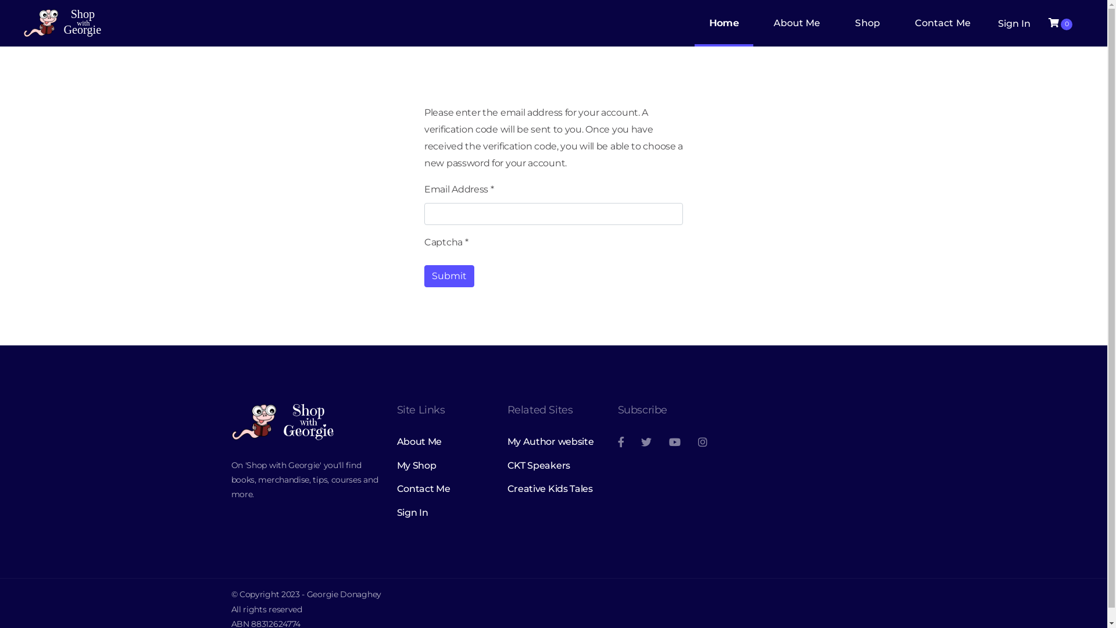 This screenshot has width=1116, height=628. What do you see at coordinates (796, 23) in the screenshot?
I see `'About Me'` at bounding box center [796, 23].